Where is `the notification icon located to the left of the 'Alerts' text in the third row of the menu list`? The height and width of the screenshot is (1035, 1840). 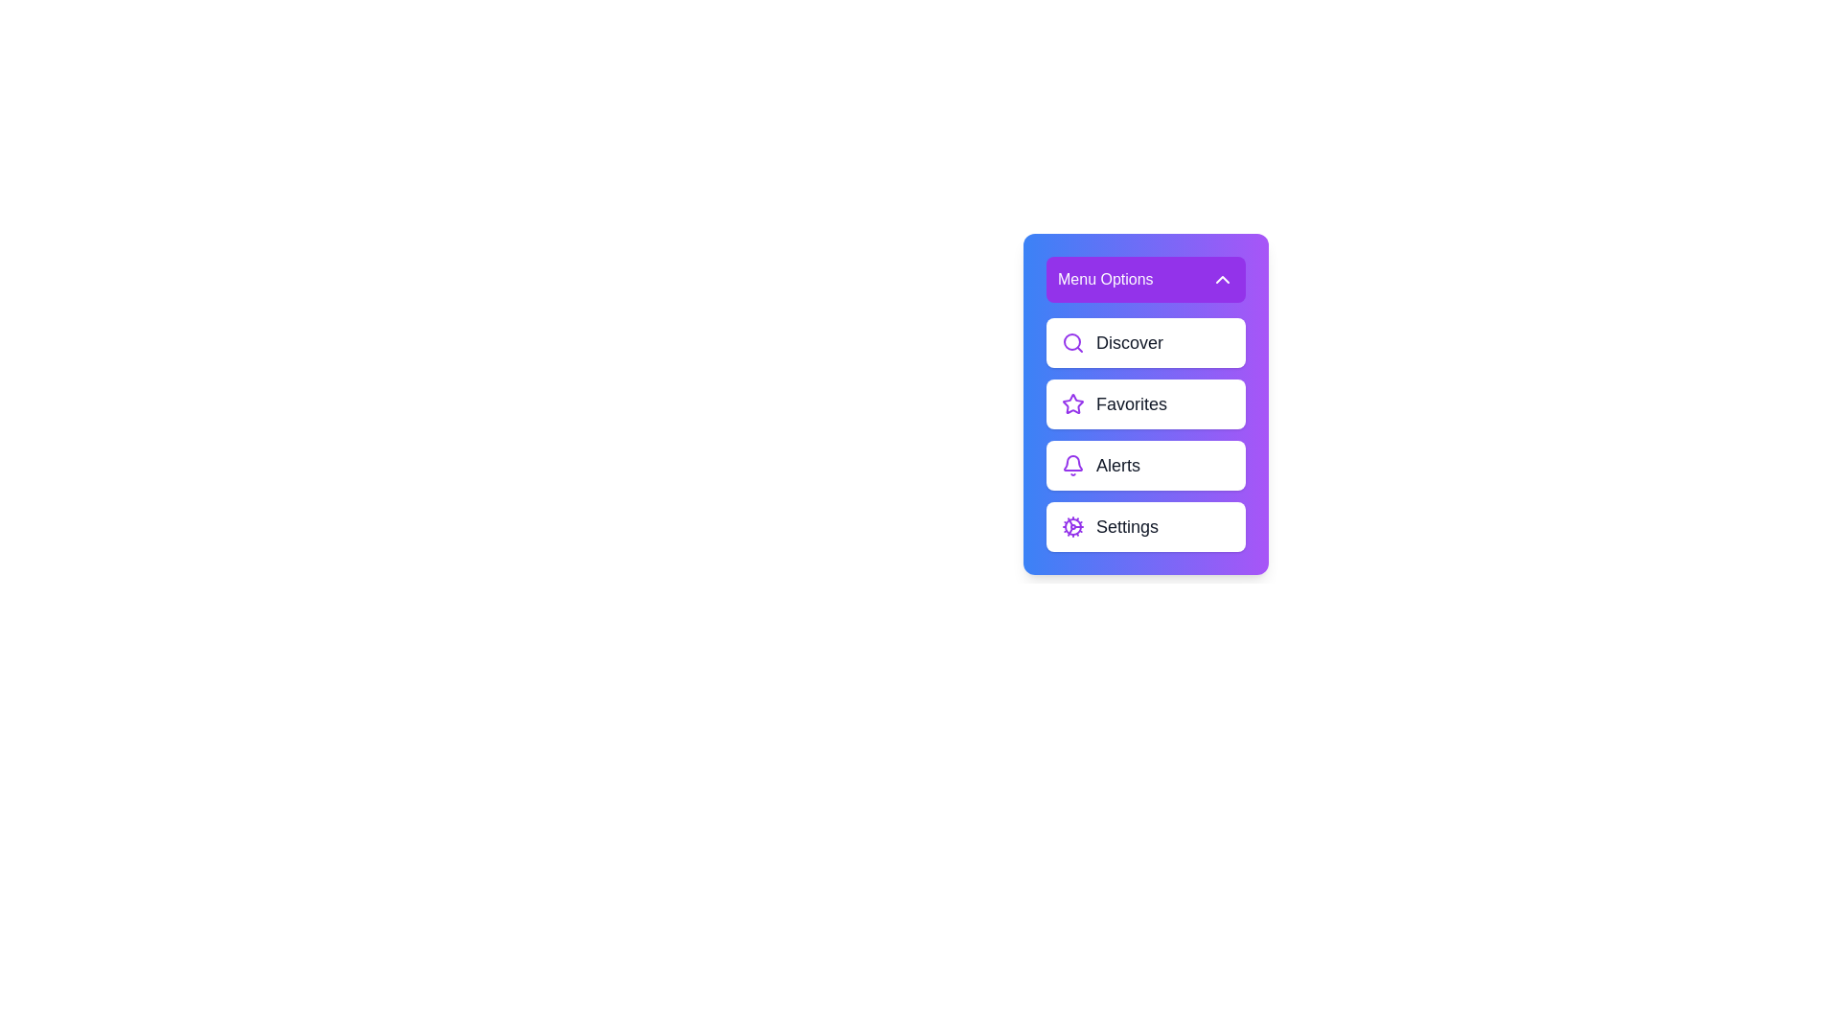 the notification icon located to the left of the 'Alerts' text in the third row of the menu list is located at coordinates (1071, 466).